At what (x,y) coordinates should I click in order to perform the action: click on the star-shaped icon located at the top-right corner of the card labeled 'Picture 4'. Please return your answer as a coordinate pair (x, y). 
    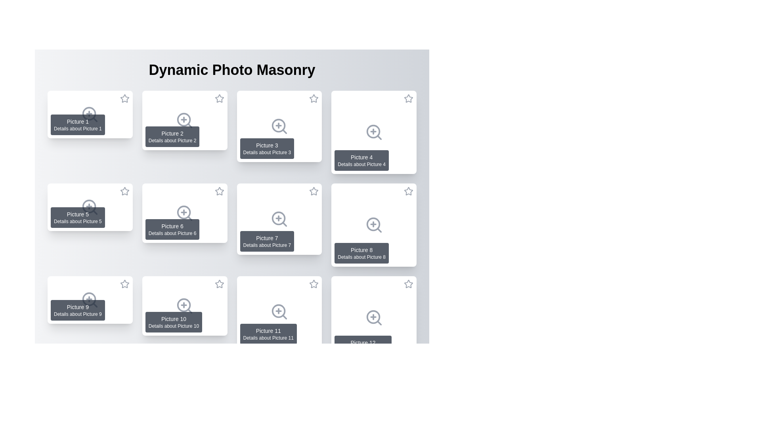
    Looking at the image, I should click on (409, 98).